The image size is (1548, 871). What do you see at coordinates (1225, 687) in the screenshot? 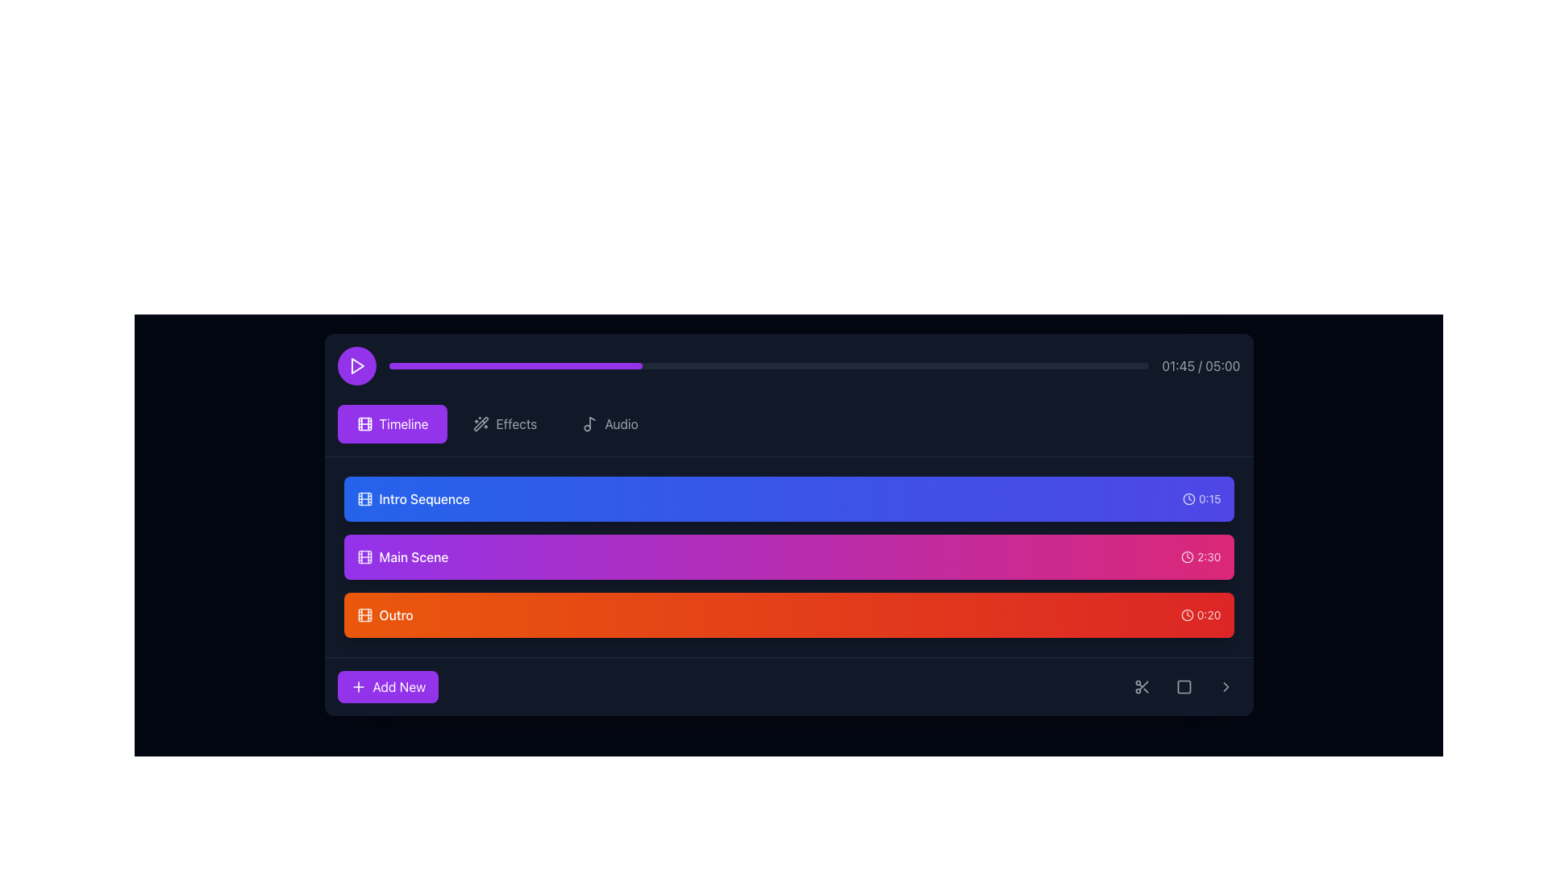
I see `the forward navigation button located at the far-right of a horizontal layout containing three interactive icons to initiate navigation` at bounding box center [1225, 687].